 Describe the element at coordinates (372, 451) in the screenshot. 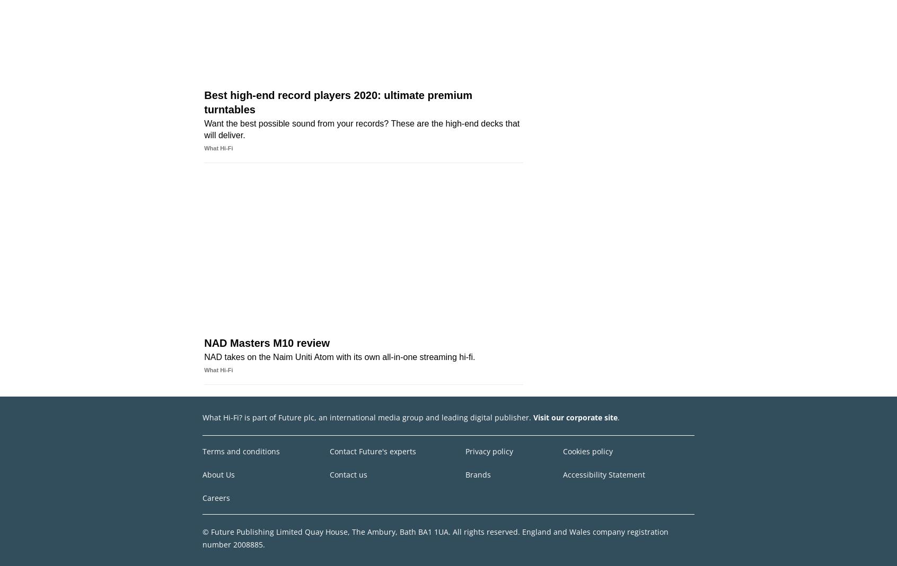

I see `'Contact Future's experts'` at that location.